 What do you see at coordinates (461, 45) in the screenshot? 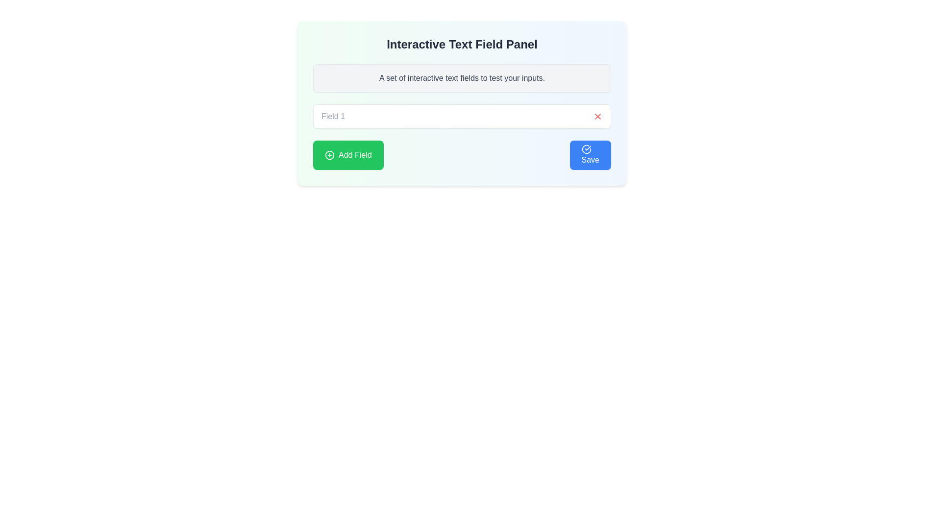
I see `the static text label that reads 'Interactive Text Field Panel', which is positioned at the top of the panel layout` at bounding box center [461, 45].